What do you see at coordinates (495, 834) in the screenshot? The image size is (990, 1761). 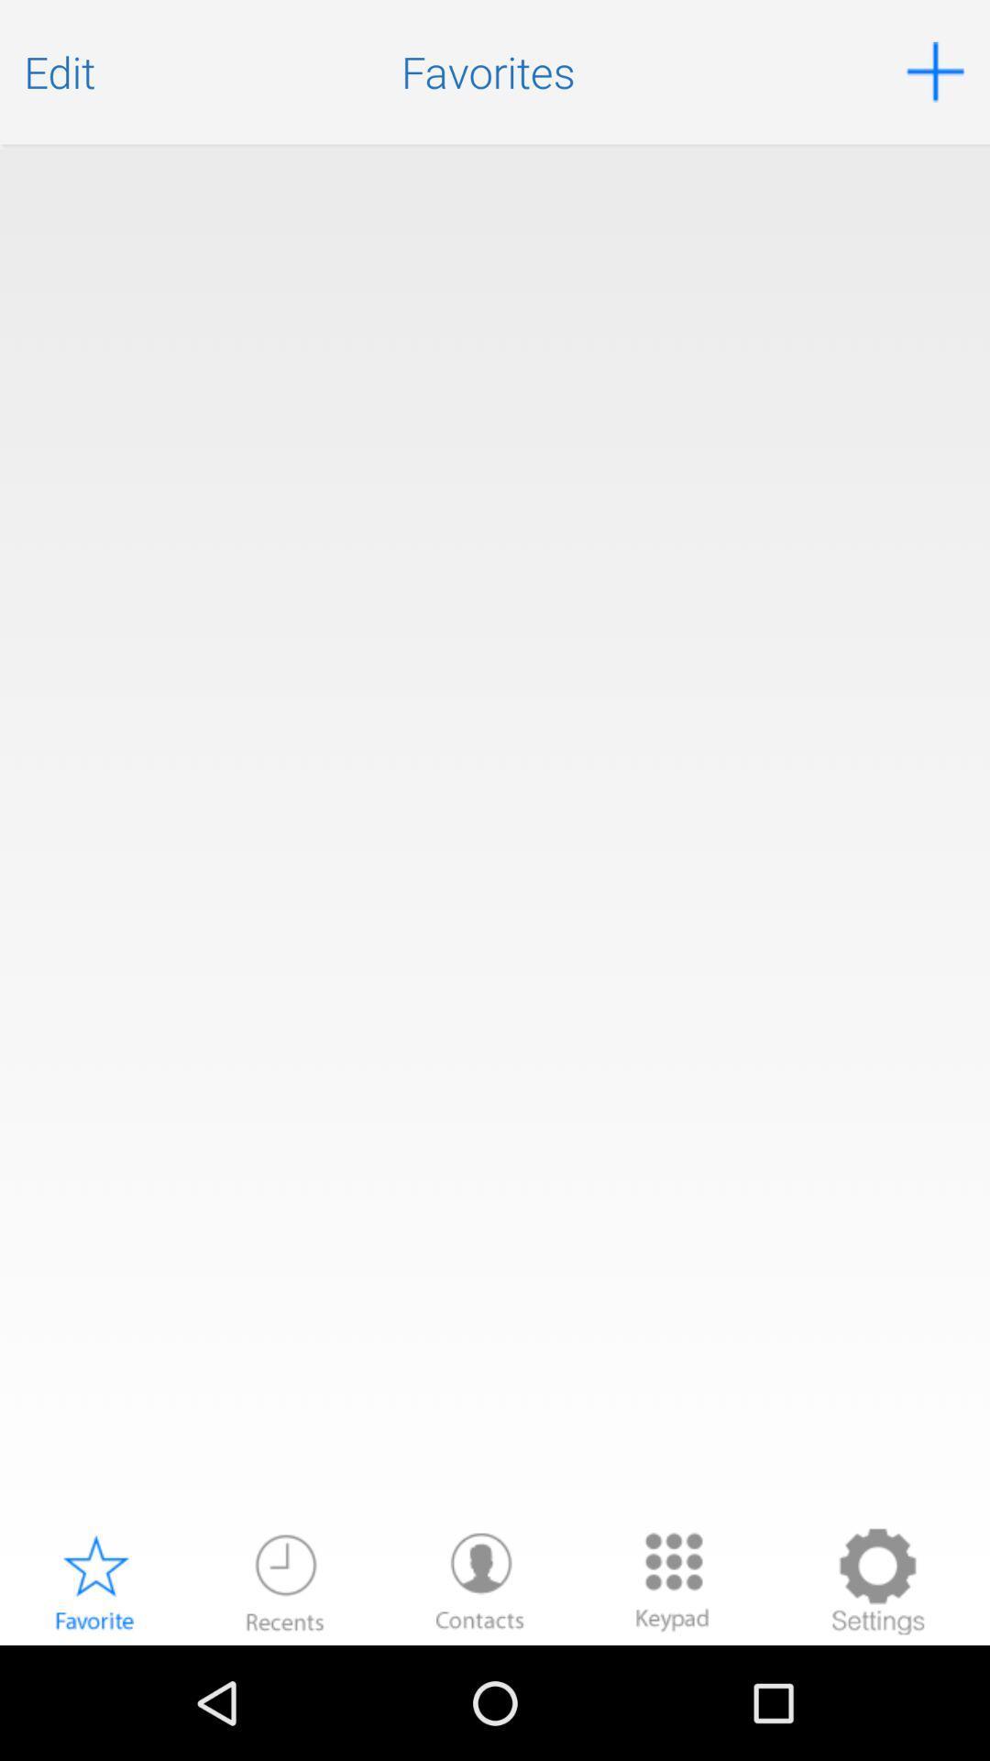 I see `the item at the center` at bounding box center [495, 834].